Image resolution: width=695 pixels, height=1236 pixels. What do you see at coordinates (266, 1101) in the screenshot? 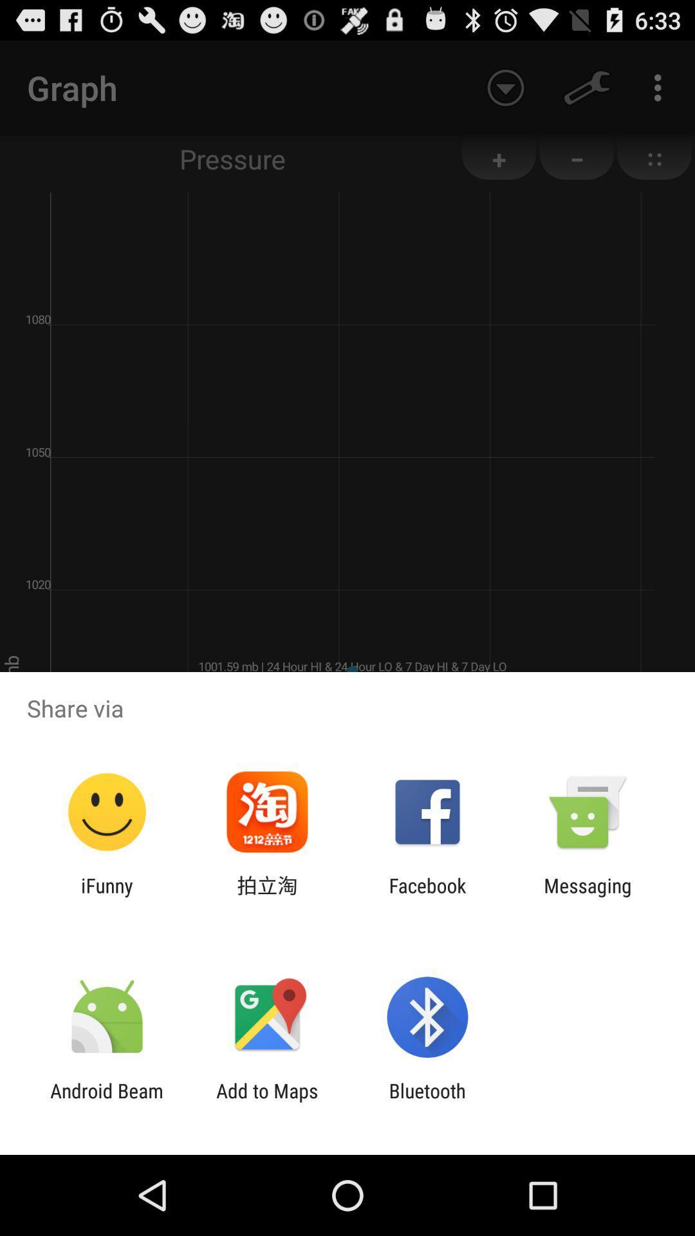
I see `the add to maps app` at bounding box center [266, 1101].